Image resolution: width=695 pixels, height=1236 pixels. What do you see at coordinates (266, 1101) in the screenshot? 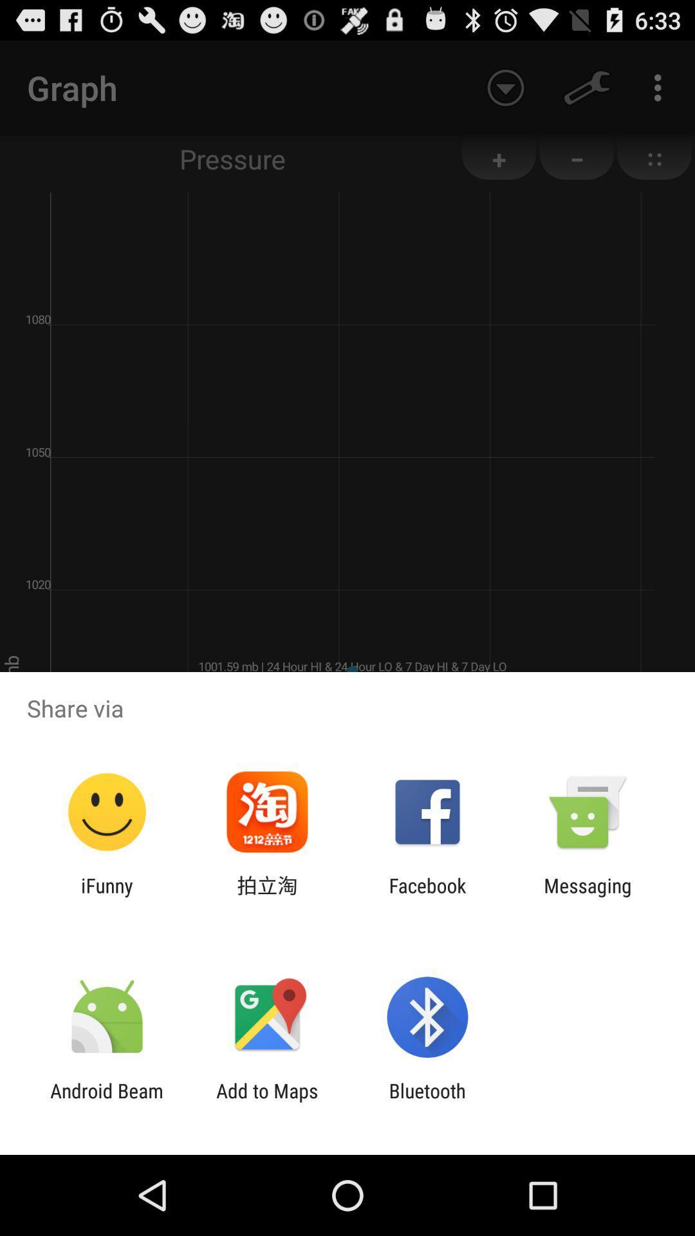
I see `the add to maps app` at bounding box center [266, 1101].